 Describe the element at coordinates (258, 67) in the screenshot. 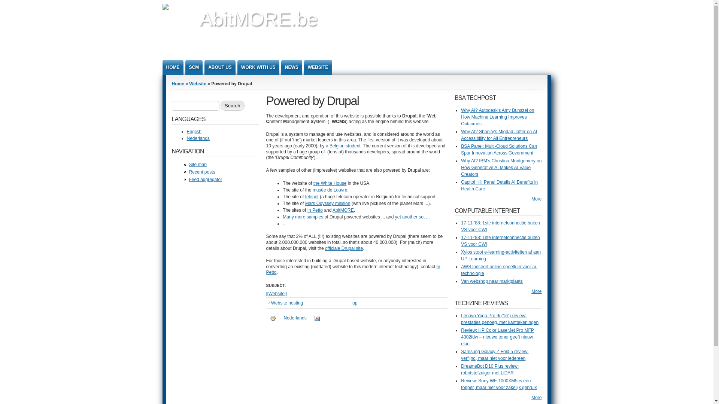

I see `'WORK WITH US'` at that location.